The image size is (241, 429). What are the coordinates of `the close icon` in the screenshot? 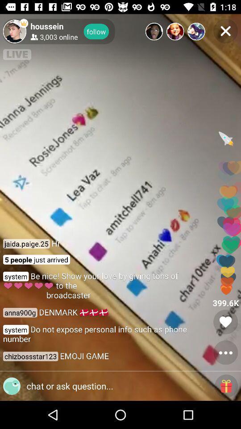 It's located at (225, 31).